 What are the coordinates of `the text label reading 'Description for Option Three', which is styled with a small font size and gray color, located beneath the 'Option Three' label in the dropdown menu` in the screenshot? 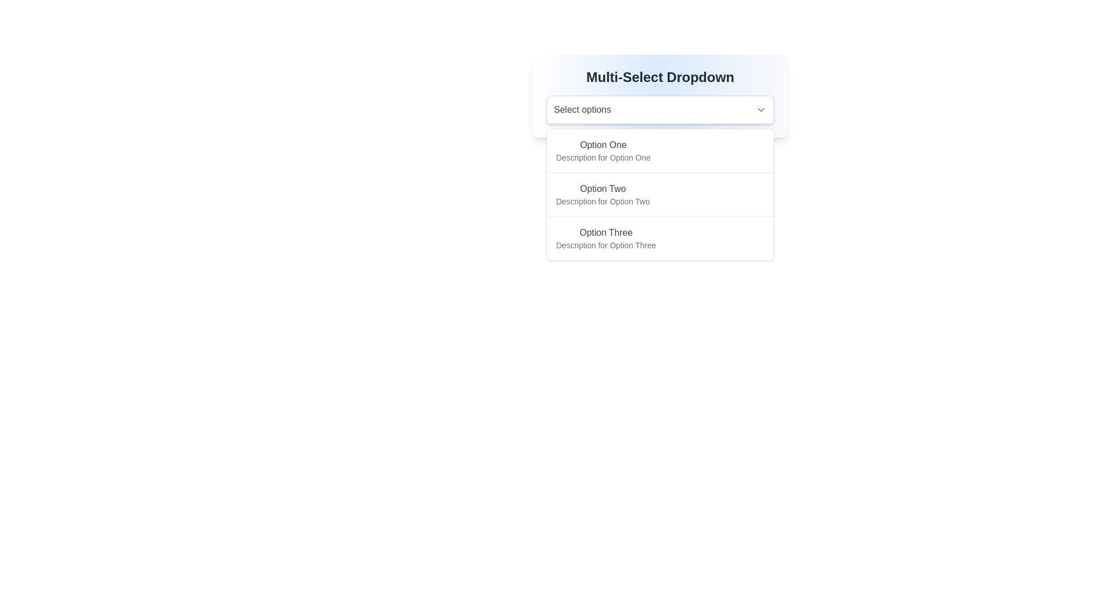 It's located at (605, 245).